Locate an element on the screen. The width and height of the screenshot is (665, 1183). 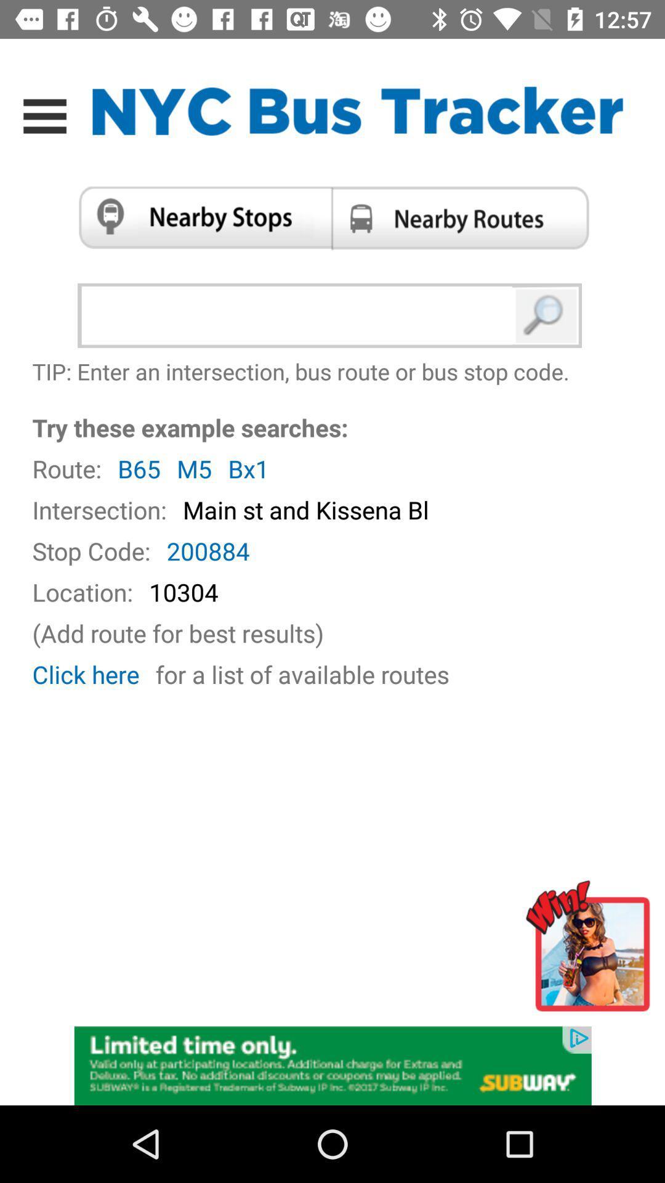
find nearby routes is located at coordinates (464, 217).